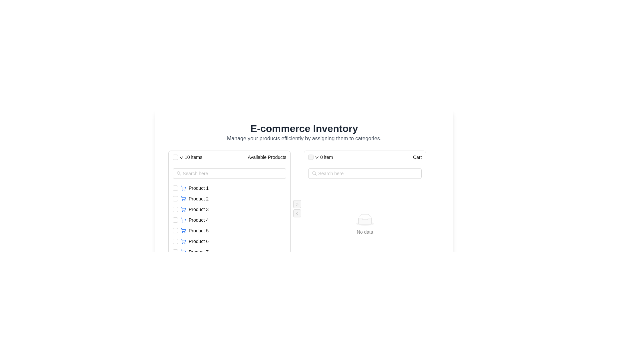 The height and width of the screenshot is (359, 639). Describe the element at coordinates (229, 198) in the screenshot. I see `the checkbox in the second row of the 'Available Products' list` at that location.